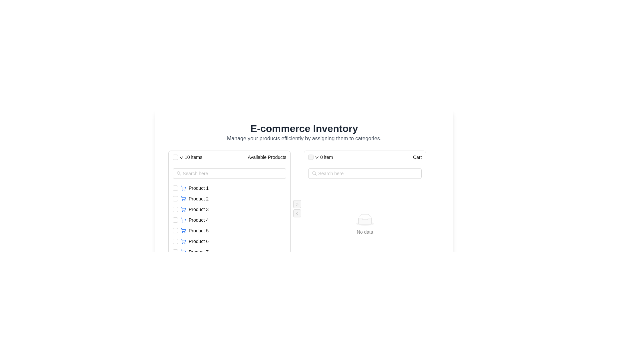 The height and width of the screenshot is (359, 639). Describe the element at coordinates (229, 198) in the screenshot. I see `the checkbox in the second row of the 'Available Products' list` at that location.